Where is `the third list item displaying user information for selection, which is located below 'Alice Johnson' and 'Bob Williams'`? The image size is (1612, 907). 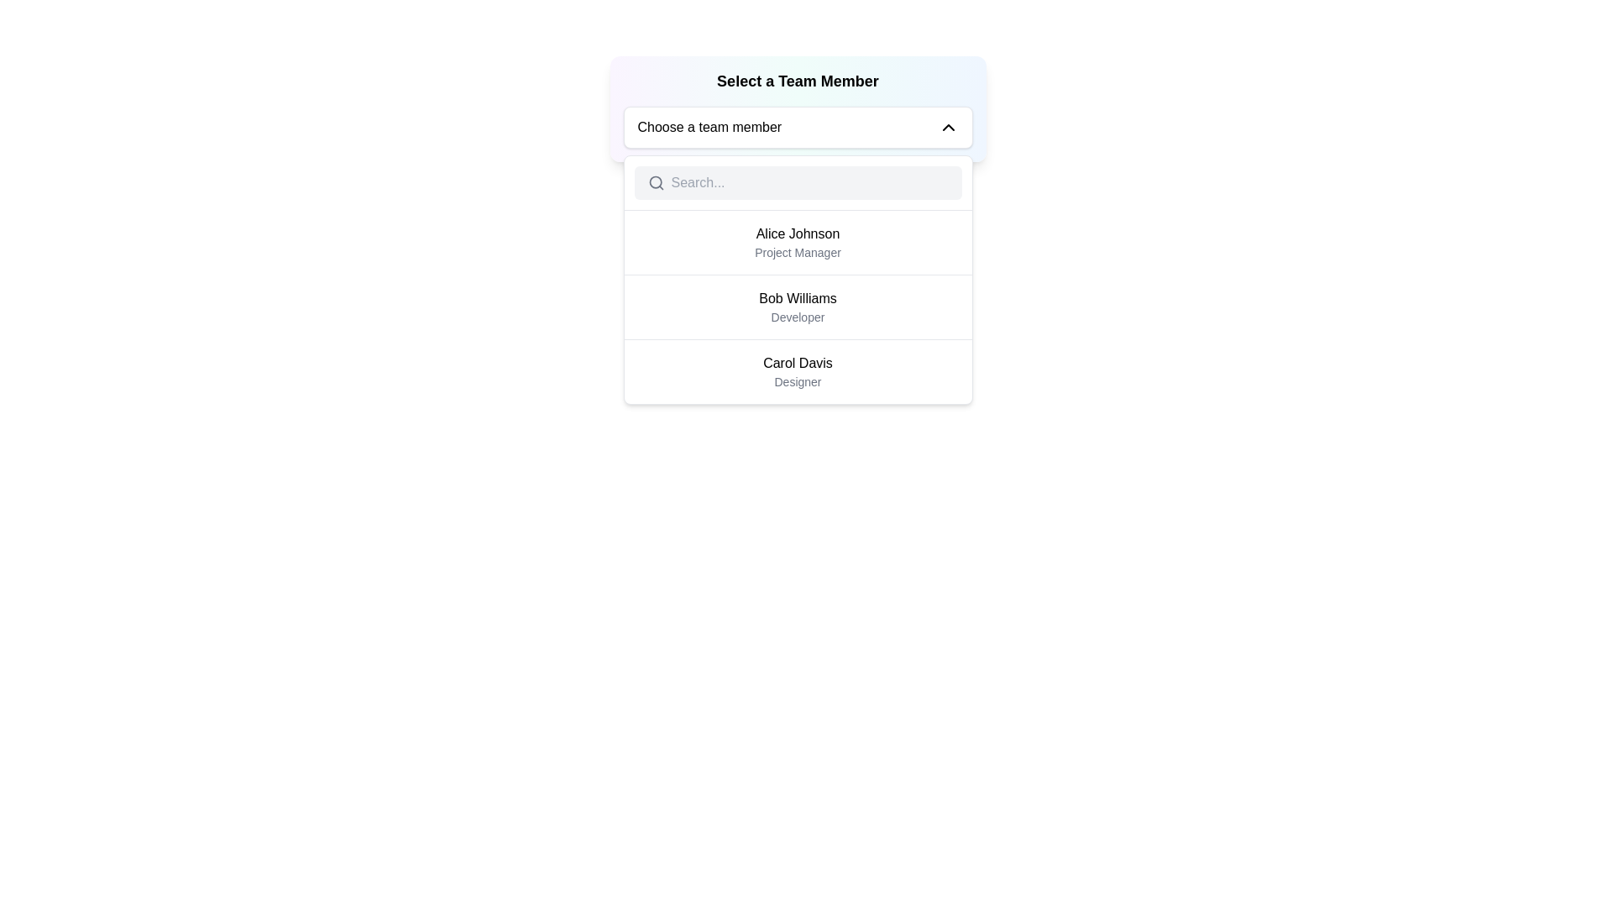 the third list item displaying user information for selection, which is located below 'Alice Johnson' and 'Bob Williams' is located at coordinates (797, 371).